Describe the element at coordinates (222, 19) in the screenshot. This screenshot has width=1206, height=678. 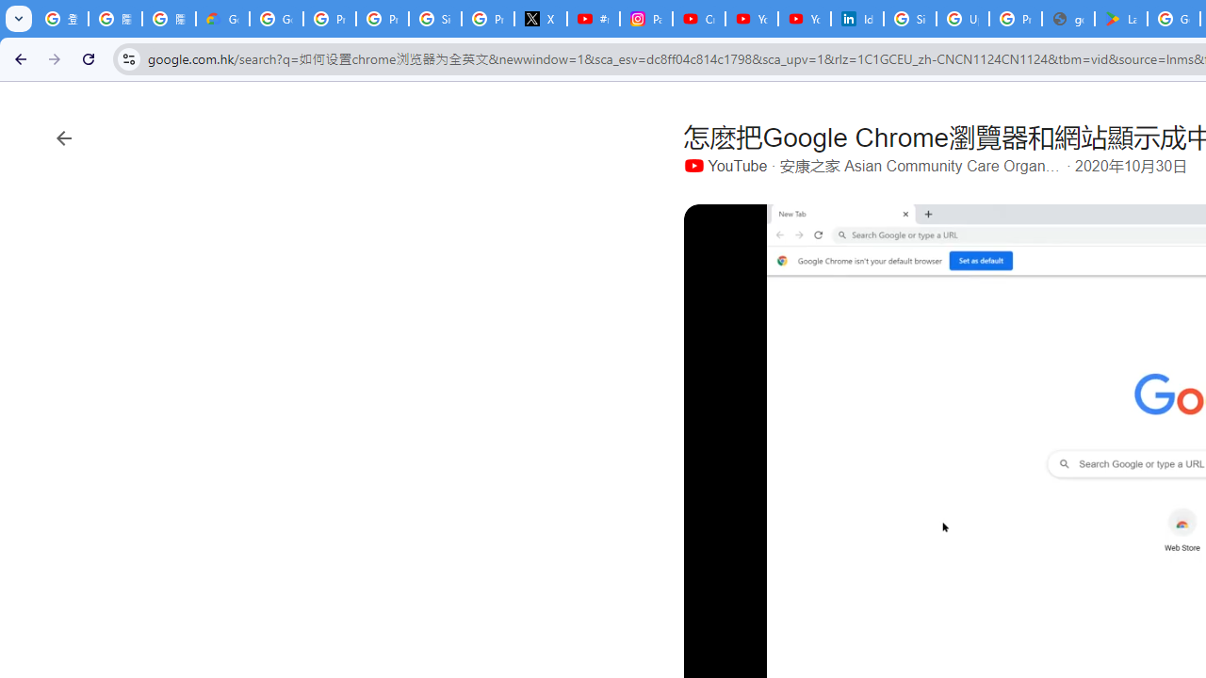
I see `'Google Cloud Privacy Notice'` at that location.